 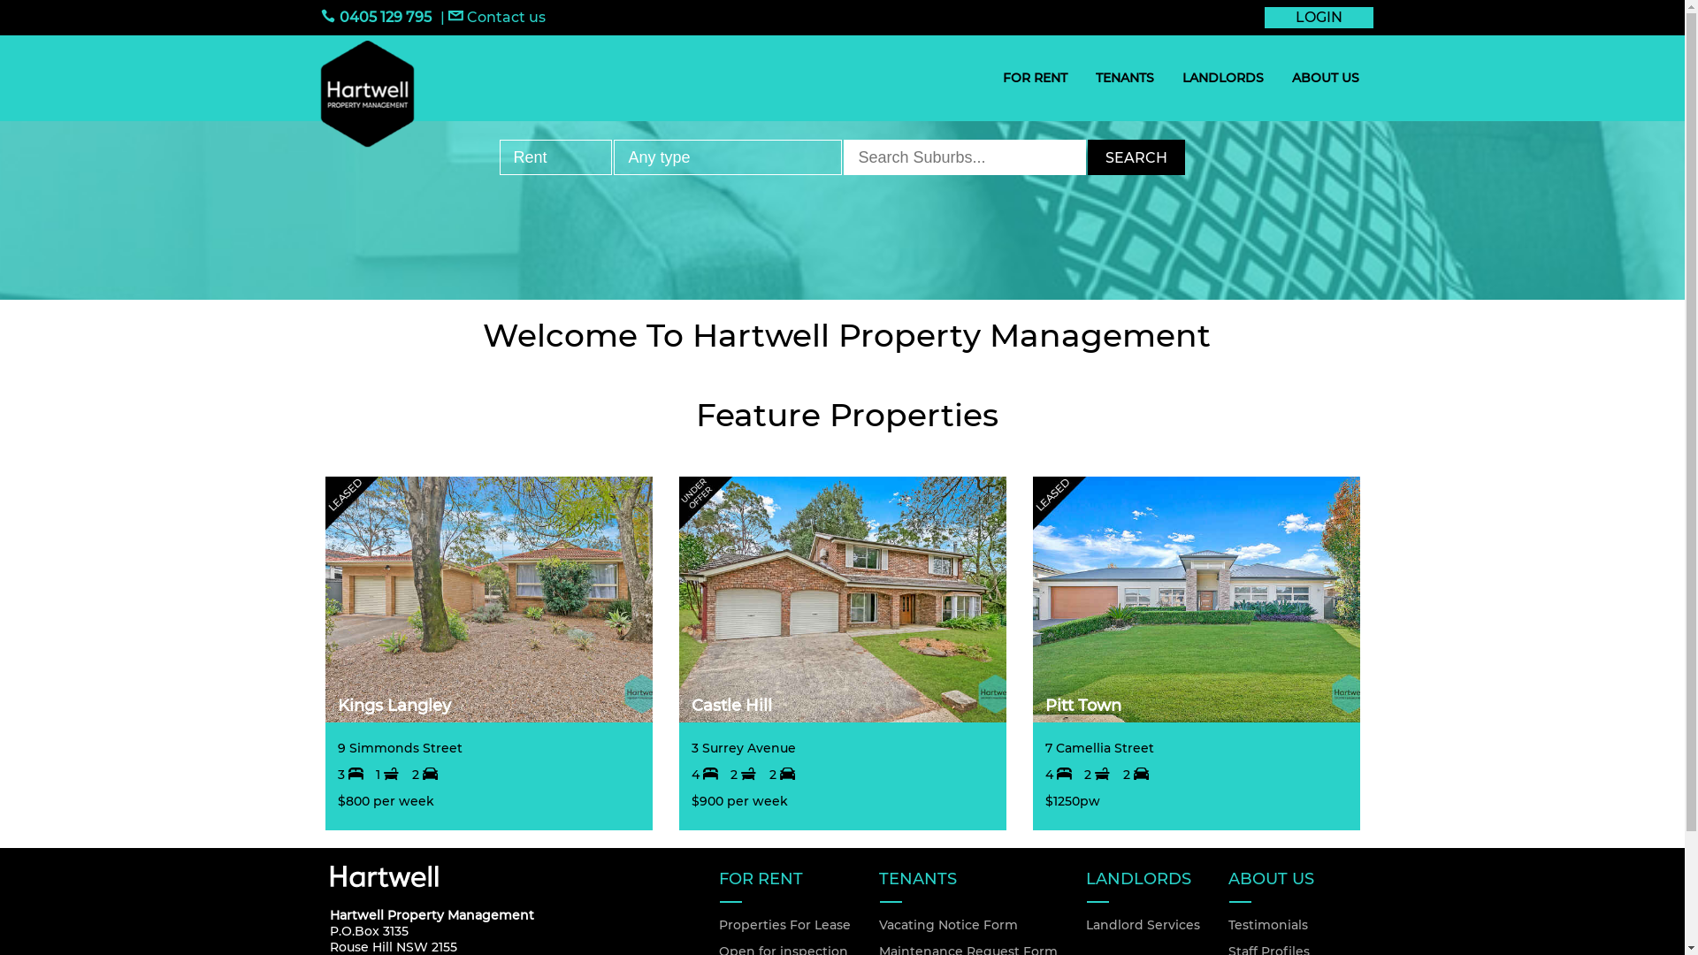 What do you see at coordinates (1319, 17) in the screenshot?
I see `'LOGIN'` at bounding box center [1319, 17].